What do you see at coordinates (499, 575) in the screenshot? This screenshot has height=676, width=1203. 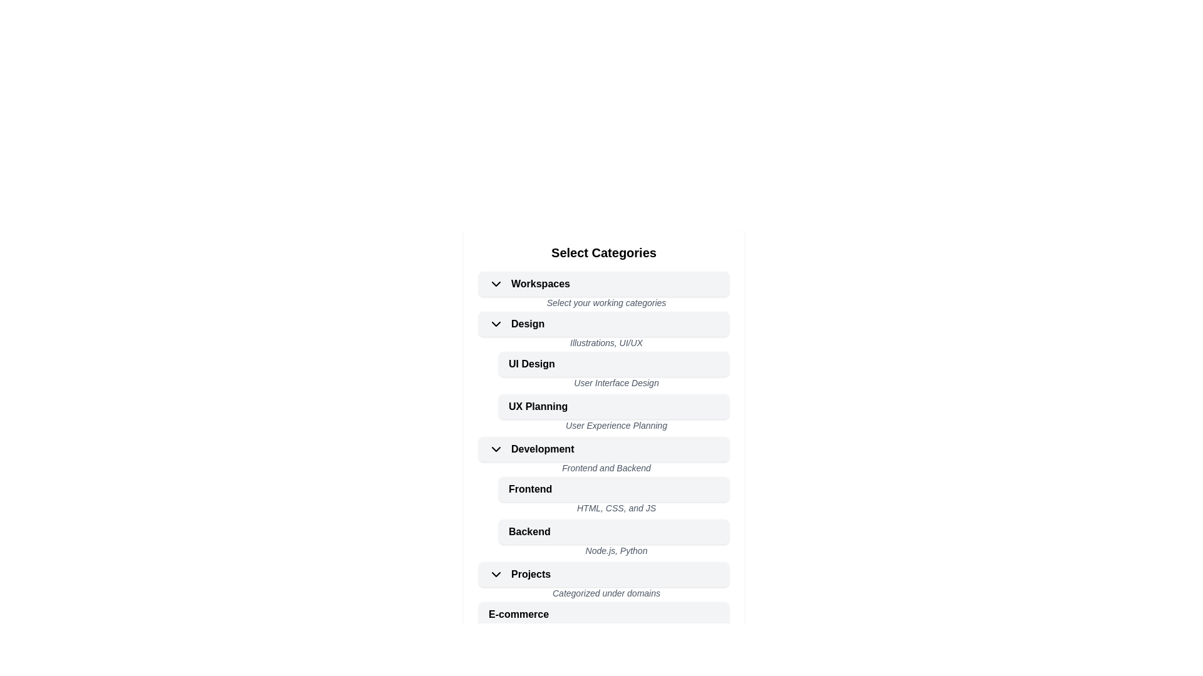 I see `the dropdown indicator icon located at the left side of the 'Projects' label` at bounding box center [499, 575].